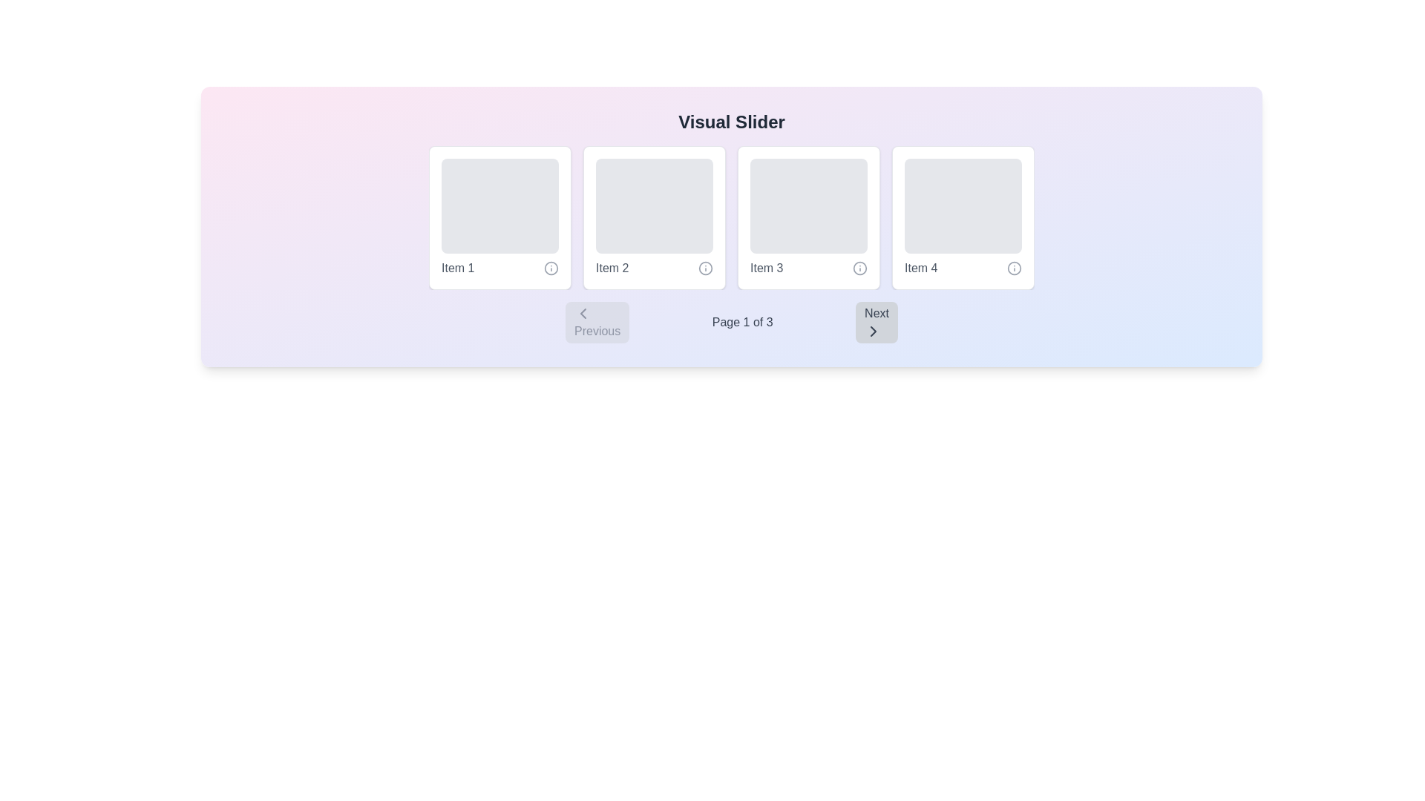 Image resolution: width=1425 pixels, height=801 pixels. I want to click on the informational icon (circular outline) located in the right-bottom quadrant of the interface, associated with 'Item 4', so click(1014, 268).